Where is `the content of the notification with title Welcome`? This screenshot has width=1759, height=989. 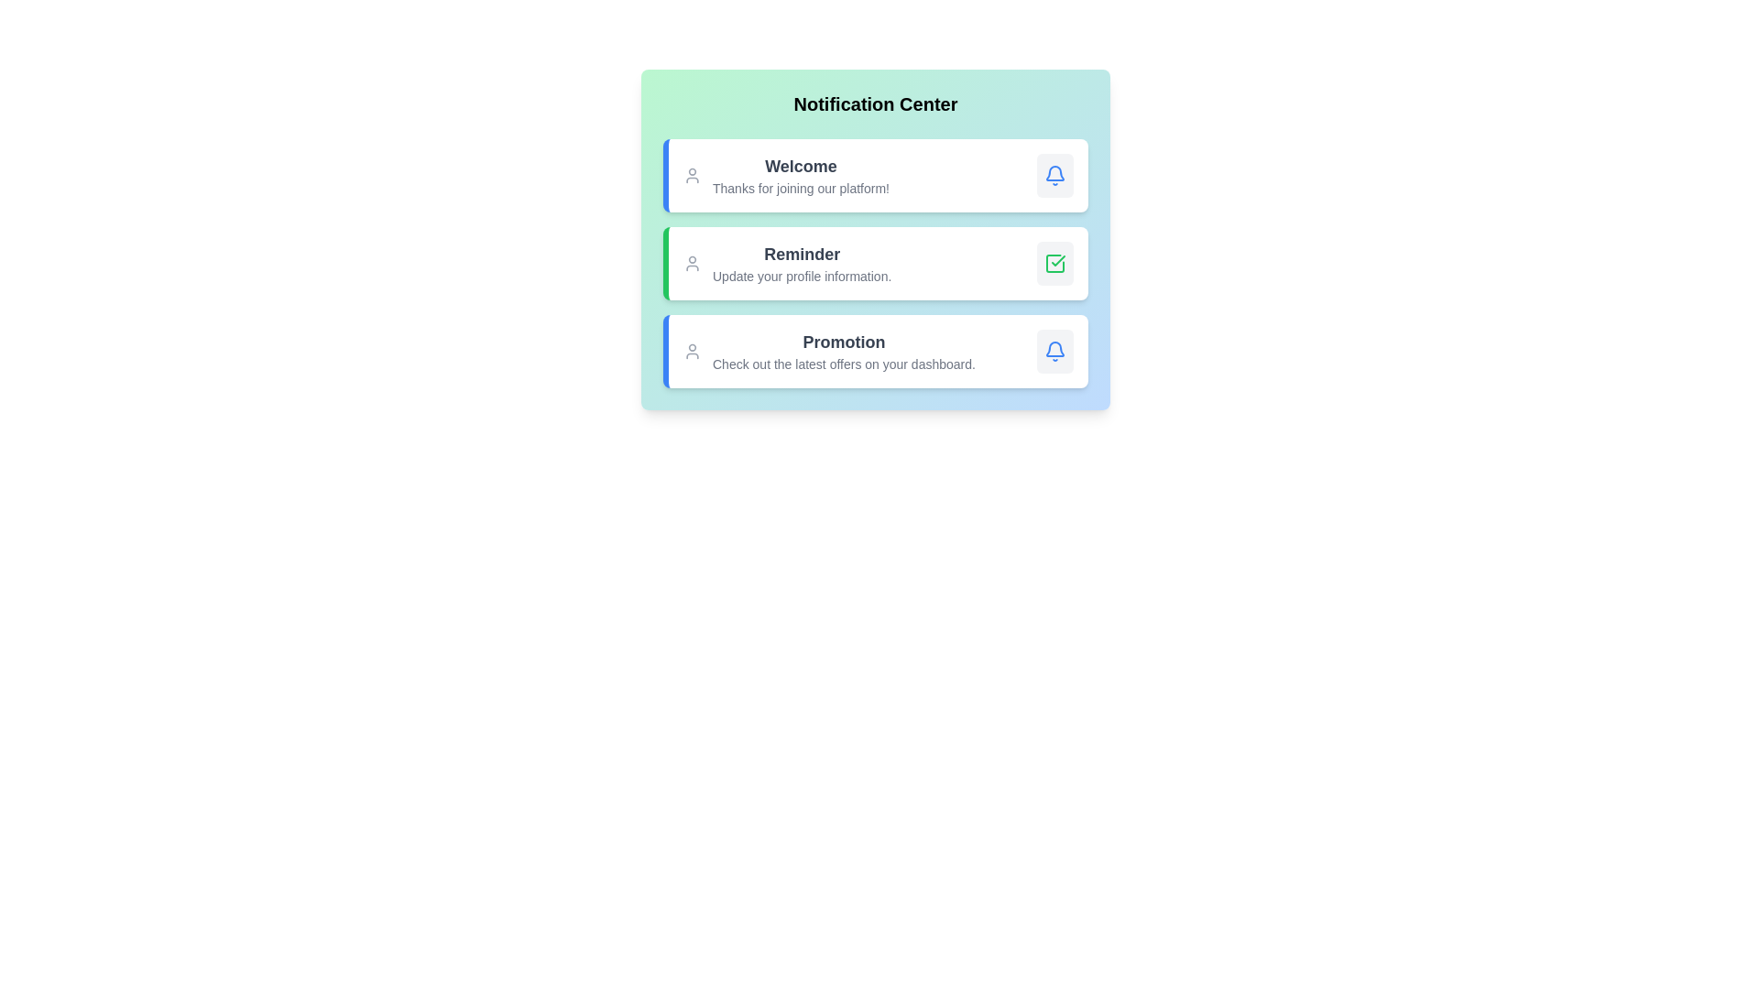 the content of the notification with title Welcome is located at coordinates (800, 166).